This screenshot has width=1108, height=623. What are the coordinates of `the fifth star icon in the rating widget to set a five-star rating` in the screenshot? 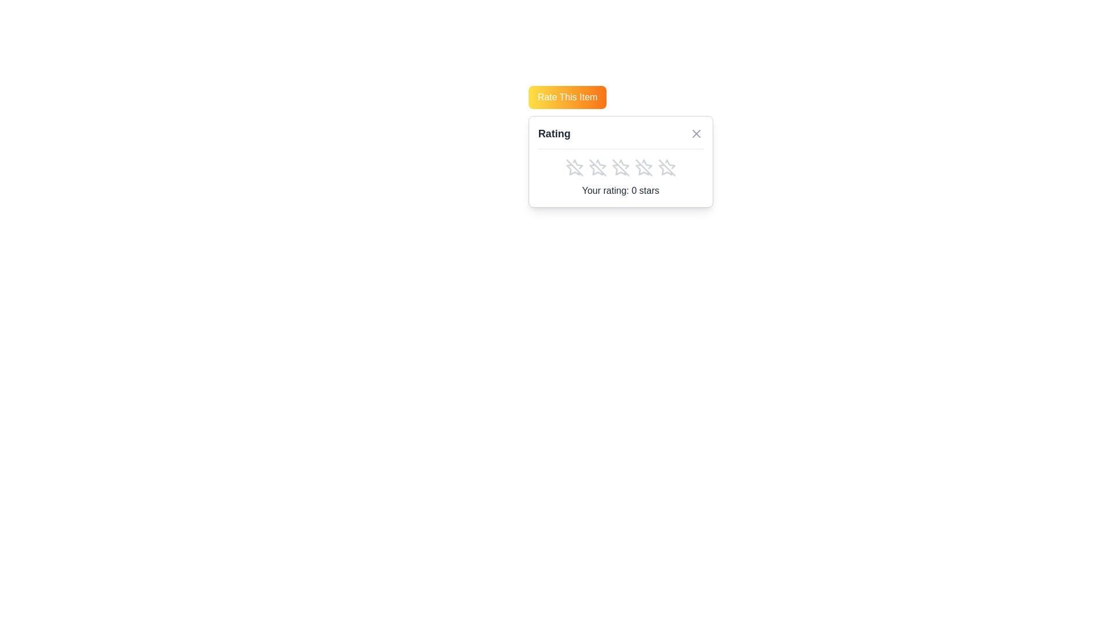 It's located at (642, 170).